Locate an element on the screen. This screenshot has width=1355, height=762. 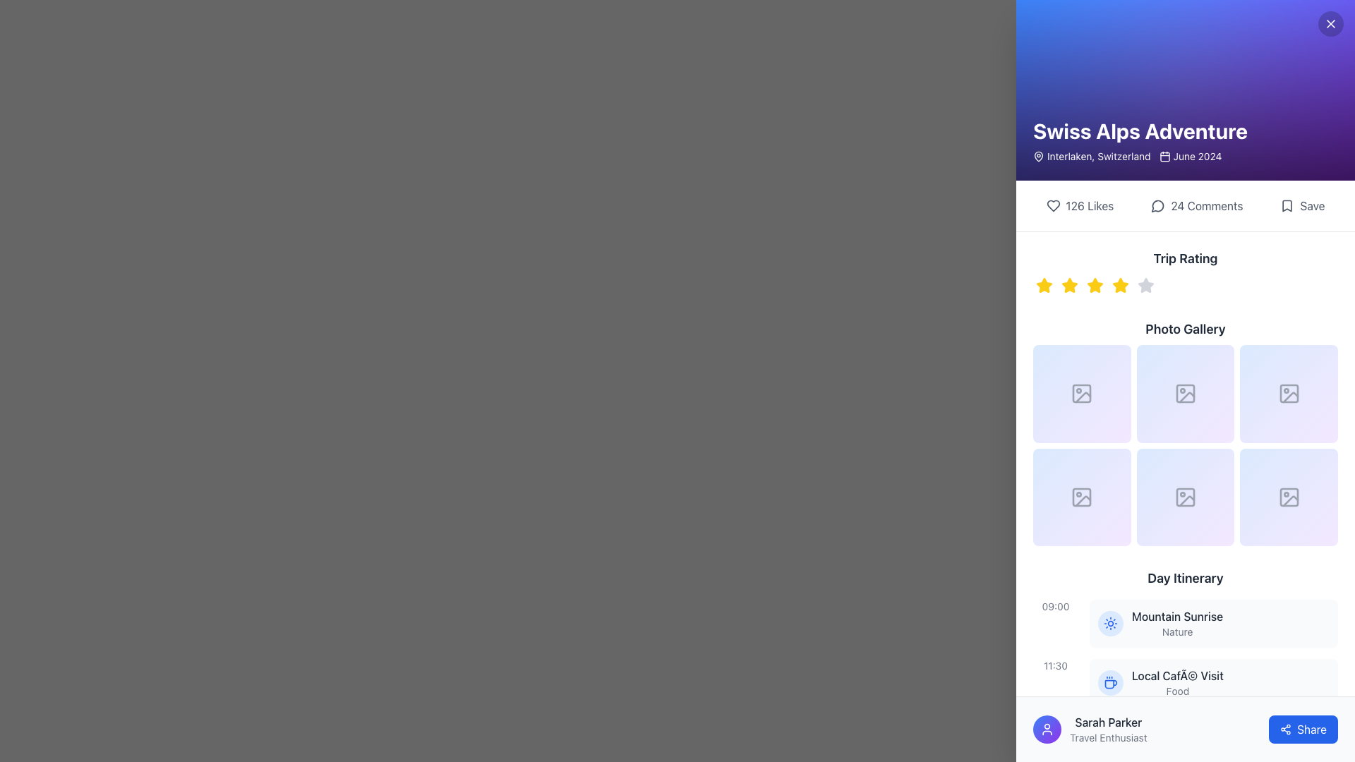
the 'Mountain Sunrise' informational panel in the 'Day Itinerary' section, which features a blue sun icon and bolded title is located at coordinates (1212, 622).